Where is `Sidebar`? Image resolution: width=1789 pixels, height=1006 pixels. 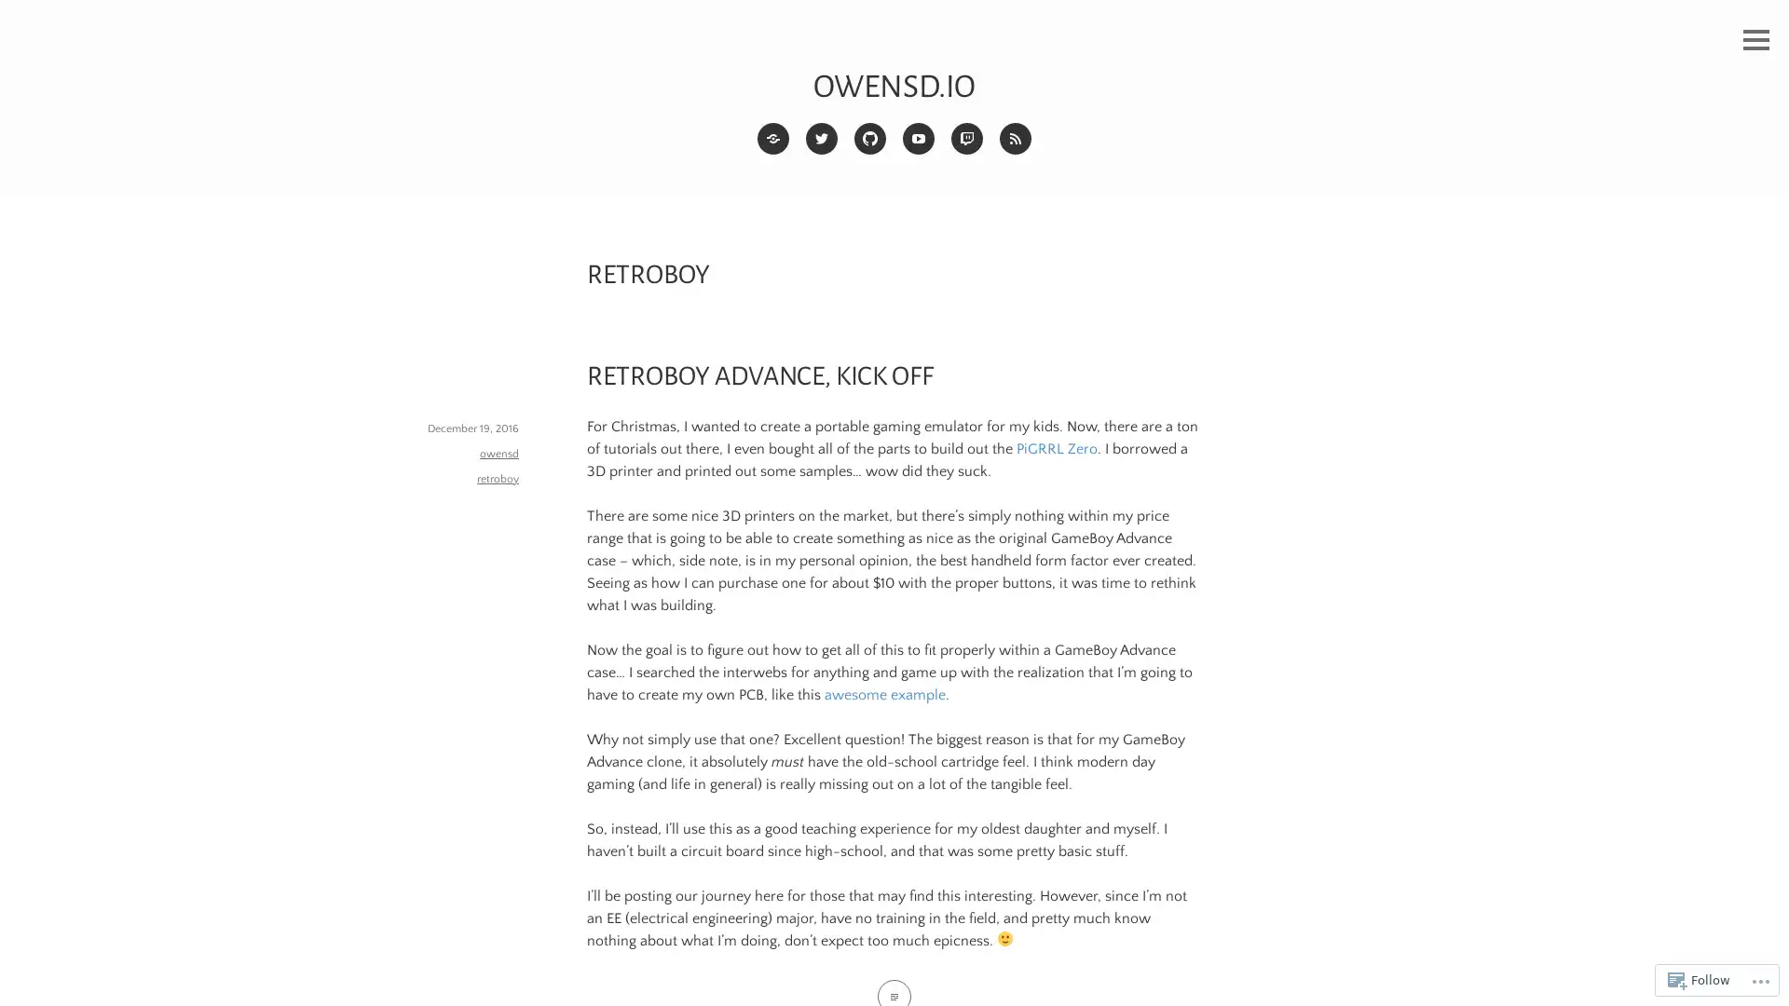
Sidebar is located at coordinates (1755, 40).